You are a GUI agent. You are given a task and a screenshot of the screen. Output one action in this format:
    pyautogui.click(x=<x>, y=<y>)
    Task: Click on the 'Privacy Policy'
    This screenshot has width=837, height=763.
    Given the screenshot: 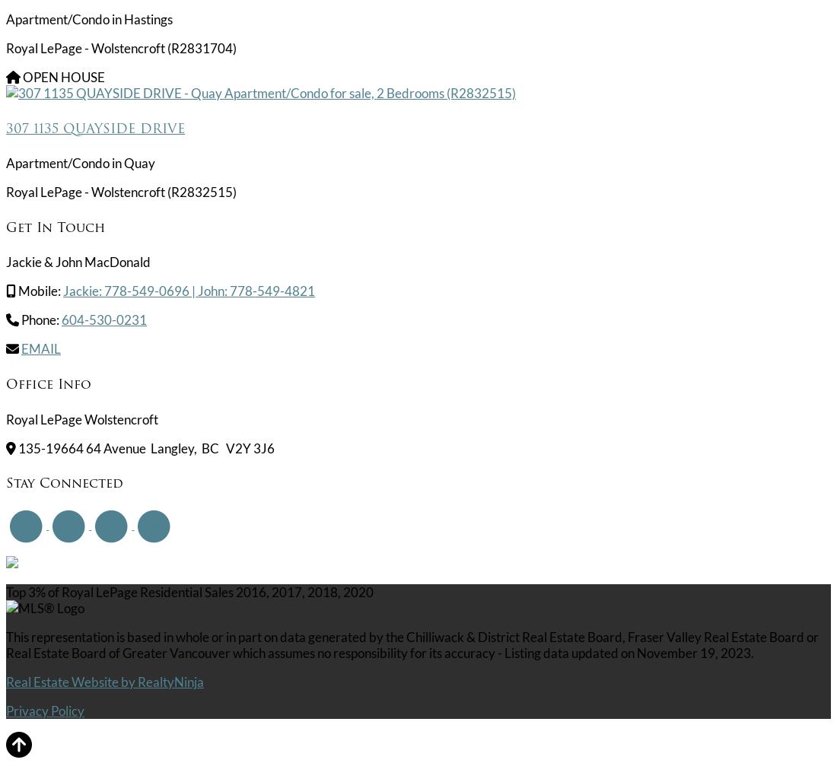 What is the action you would take?
    pyautogui.click(x=44, y=710)
    